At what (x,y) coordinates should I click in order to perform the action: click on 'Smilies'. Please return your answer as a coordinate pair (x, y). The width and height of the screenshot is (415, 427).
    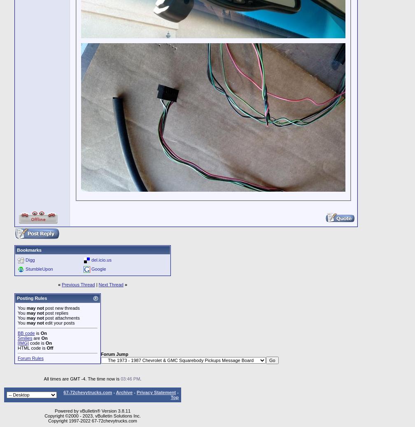
    Looking at the image, I should click on (25, 338).